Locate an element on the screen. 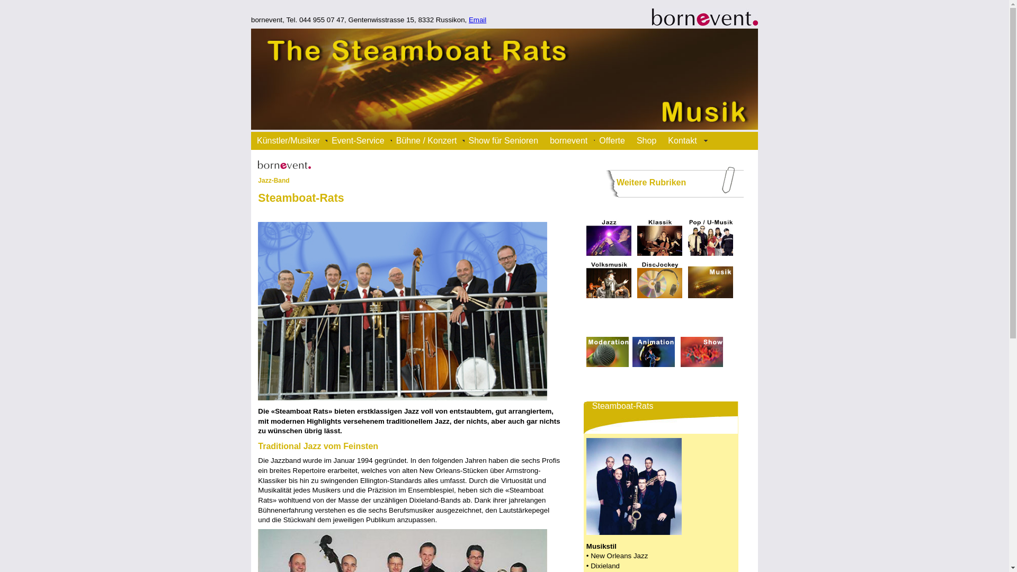 The height and width of the screenshot is (572, 1017). 'Jazz' is located at coordinates (609, 237).